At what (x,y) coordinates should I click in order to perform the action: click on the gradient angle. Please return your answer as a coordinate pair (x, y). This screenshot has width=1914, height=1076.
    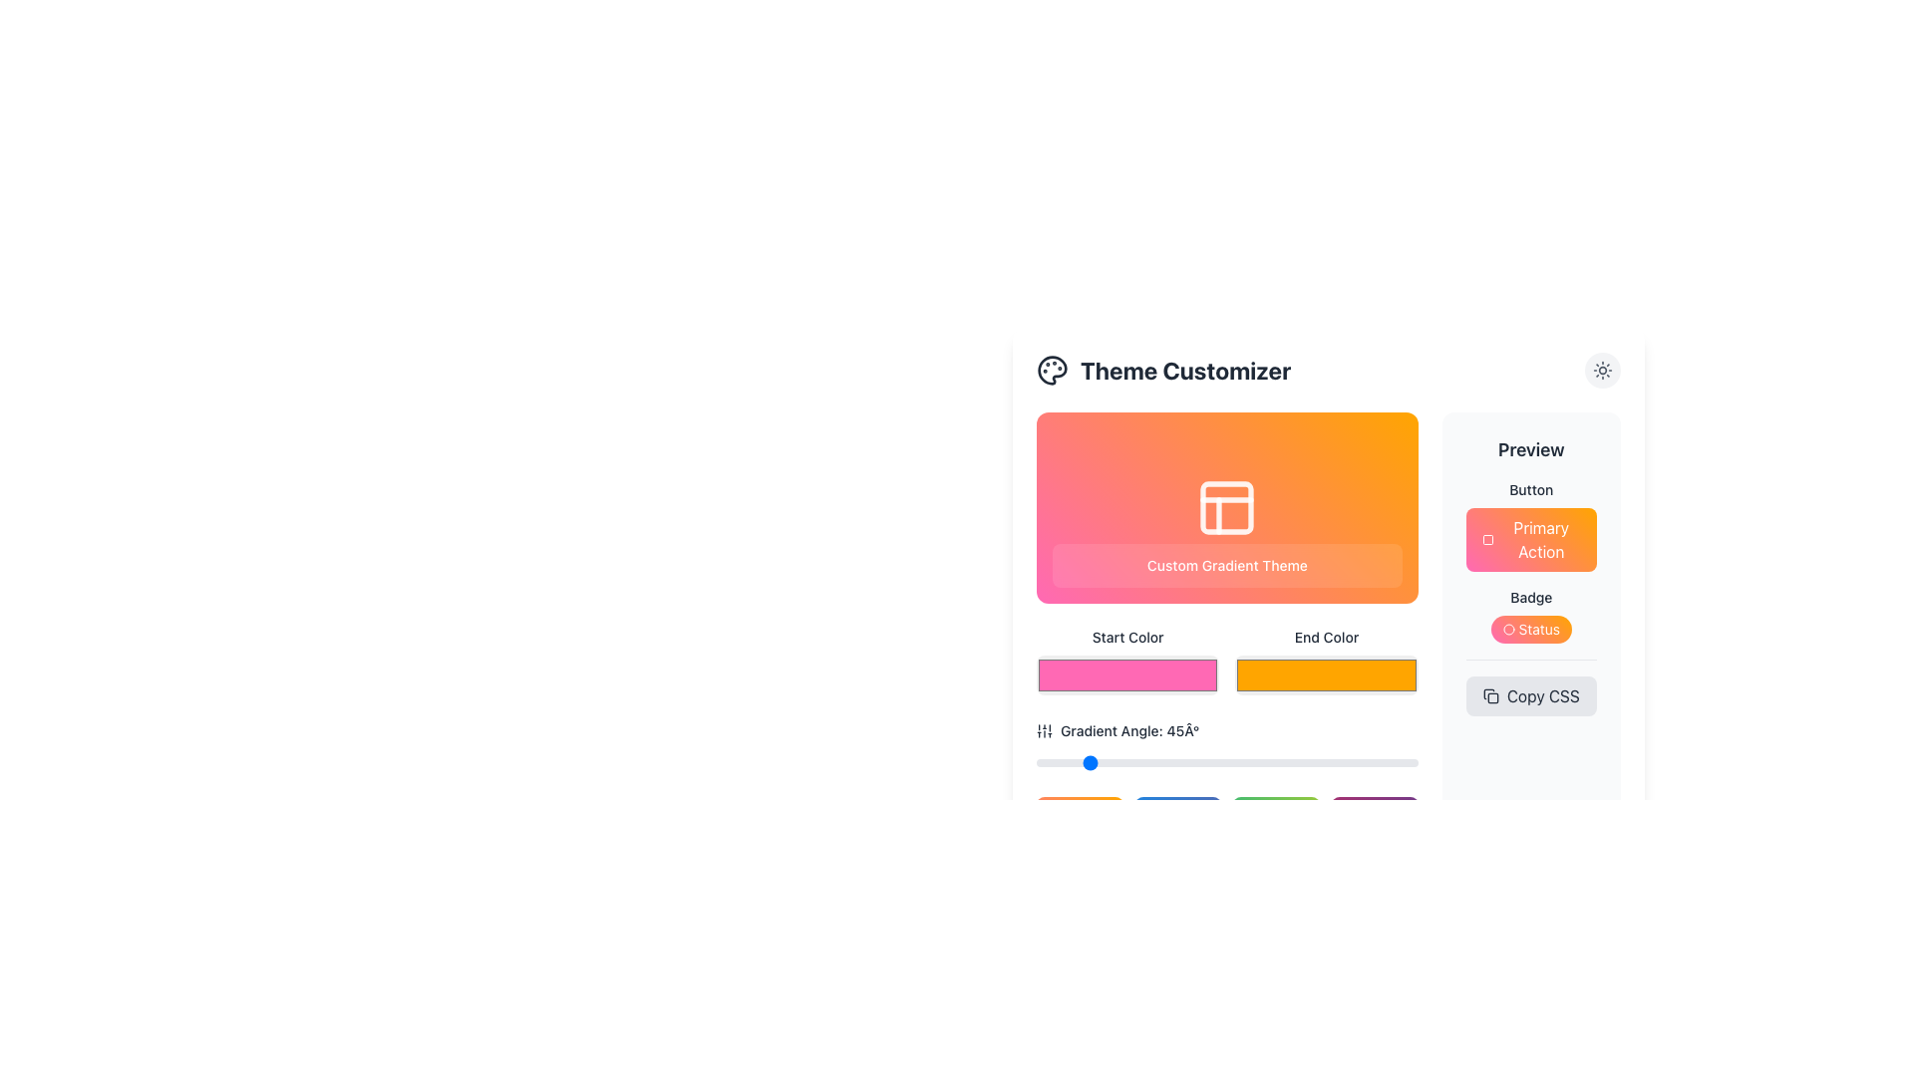
    Looking at the image, I should click on (1159, 762).